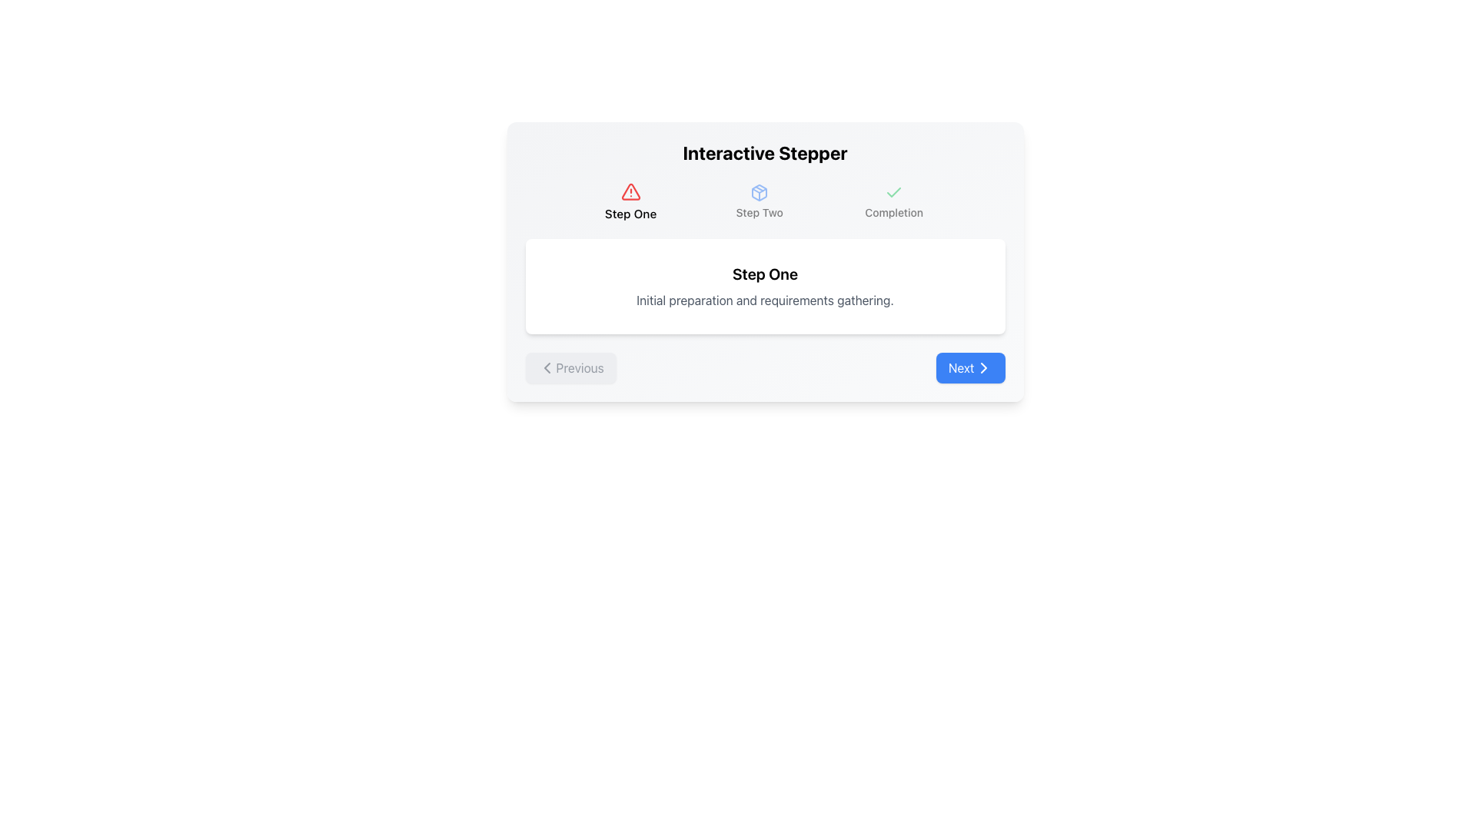 This screenshot has height=830, width=1476. What do you see at coordinates (760, 191) in the screenshot?
I see `the geometric icon resembling a 3D cube, which is the second status icon in the top stepper component between 'Step One' and 'Completion'` at bounding box center [760, 191].